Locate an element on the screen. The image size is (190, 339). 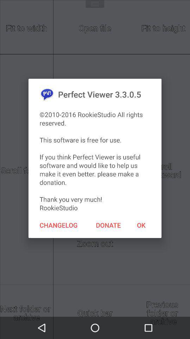
the donate item is located at coordinates (108, 225).